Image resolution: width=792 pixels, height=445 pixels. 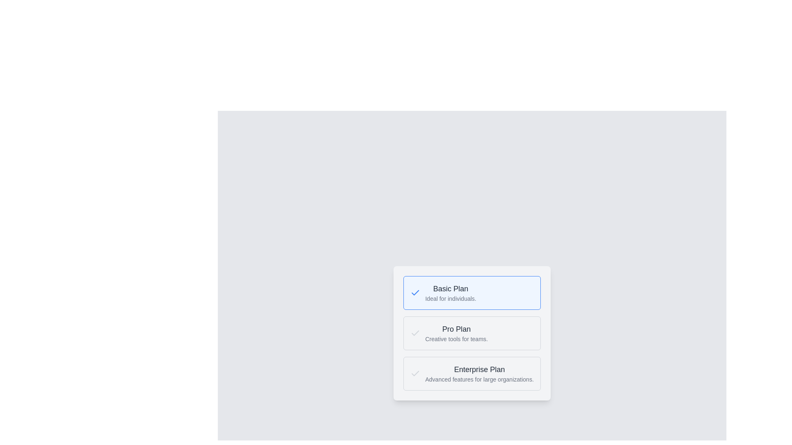 What do you see at coordinates (450, 299) in the screenshot?
I see `descriptive text of the Text Label located directly below the 'Basic Plan' text in the topmost card of the plan options` at bounding box center [450, 299].